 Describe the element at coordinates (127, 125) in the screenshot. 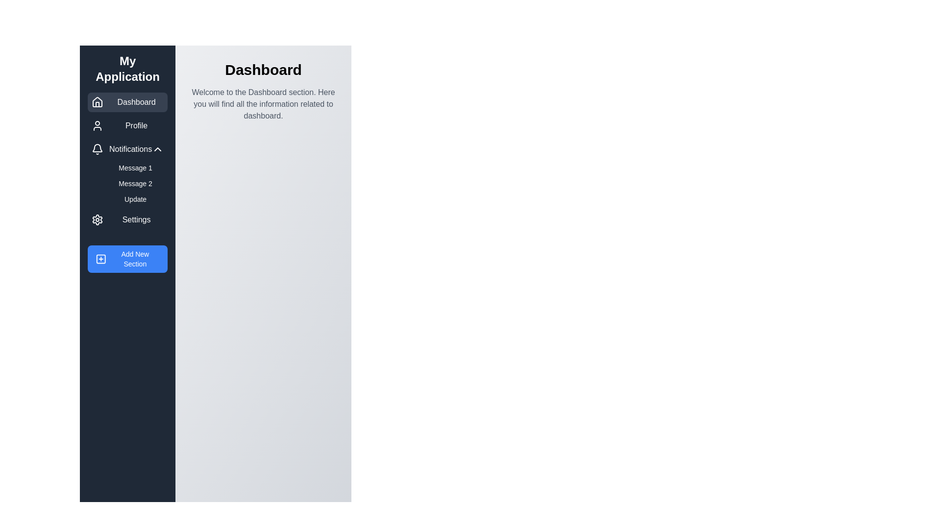

I see `the Navigation Menu Item that links to the user's profile section, positioned below the 'Dashboard' and above 'Notifications'` at that location.